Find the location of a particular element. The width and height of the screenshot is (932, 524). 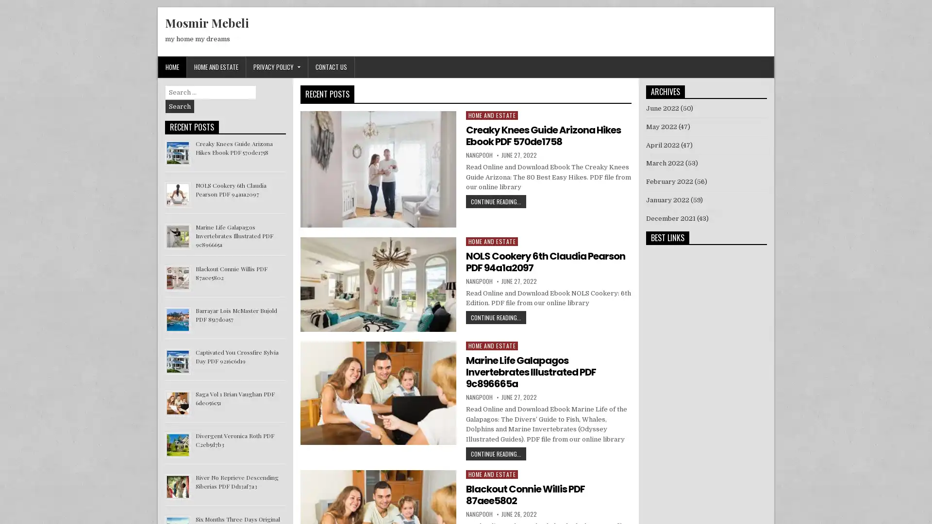

Search is located at coordinates (180, 106).